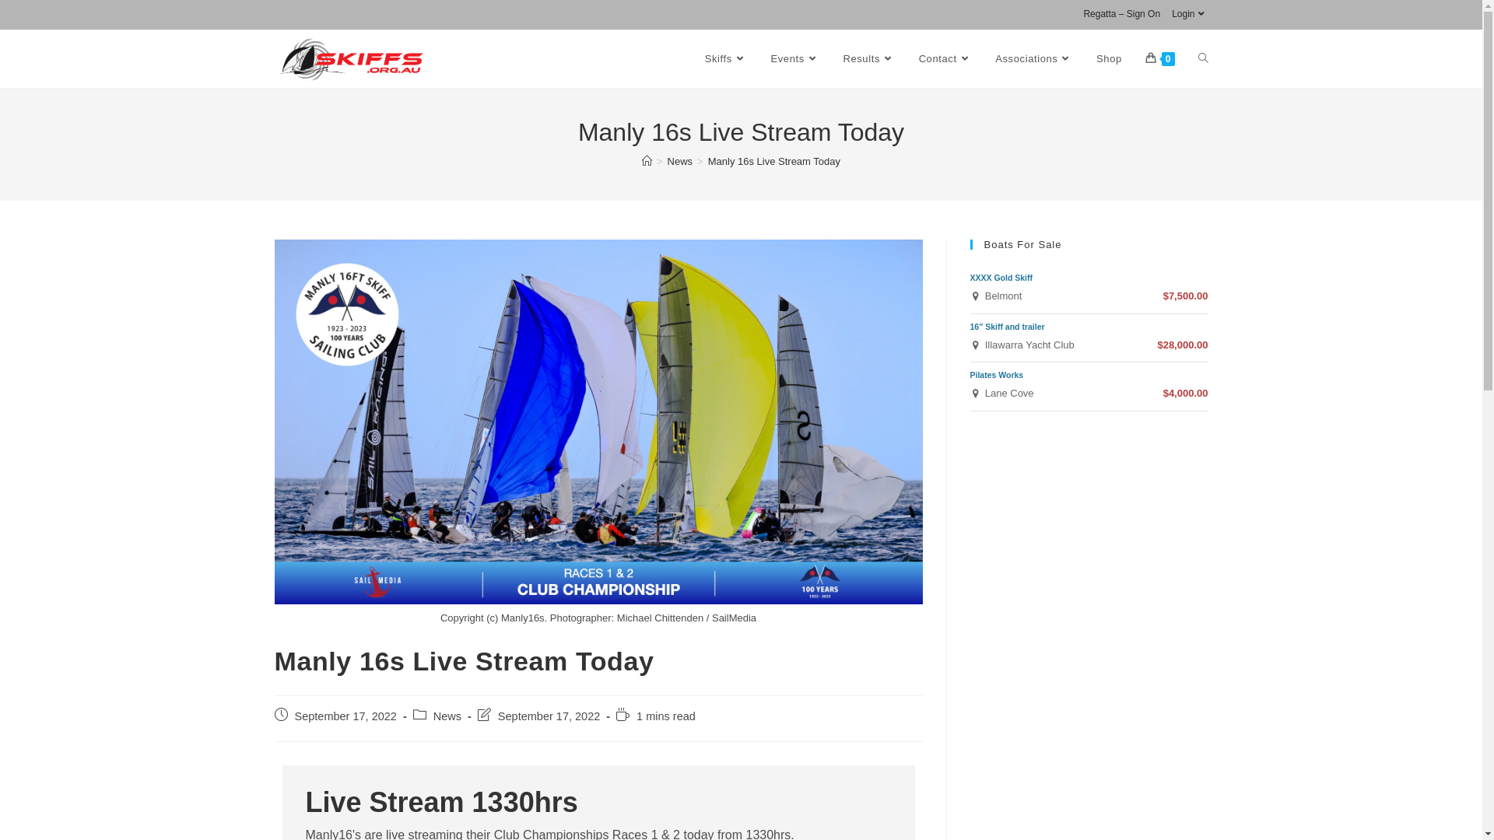 This screenshot has width=1494, height=840. I want to click on 'Associations', so click(1034, 58).